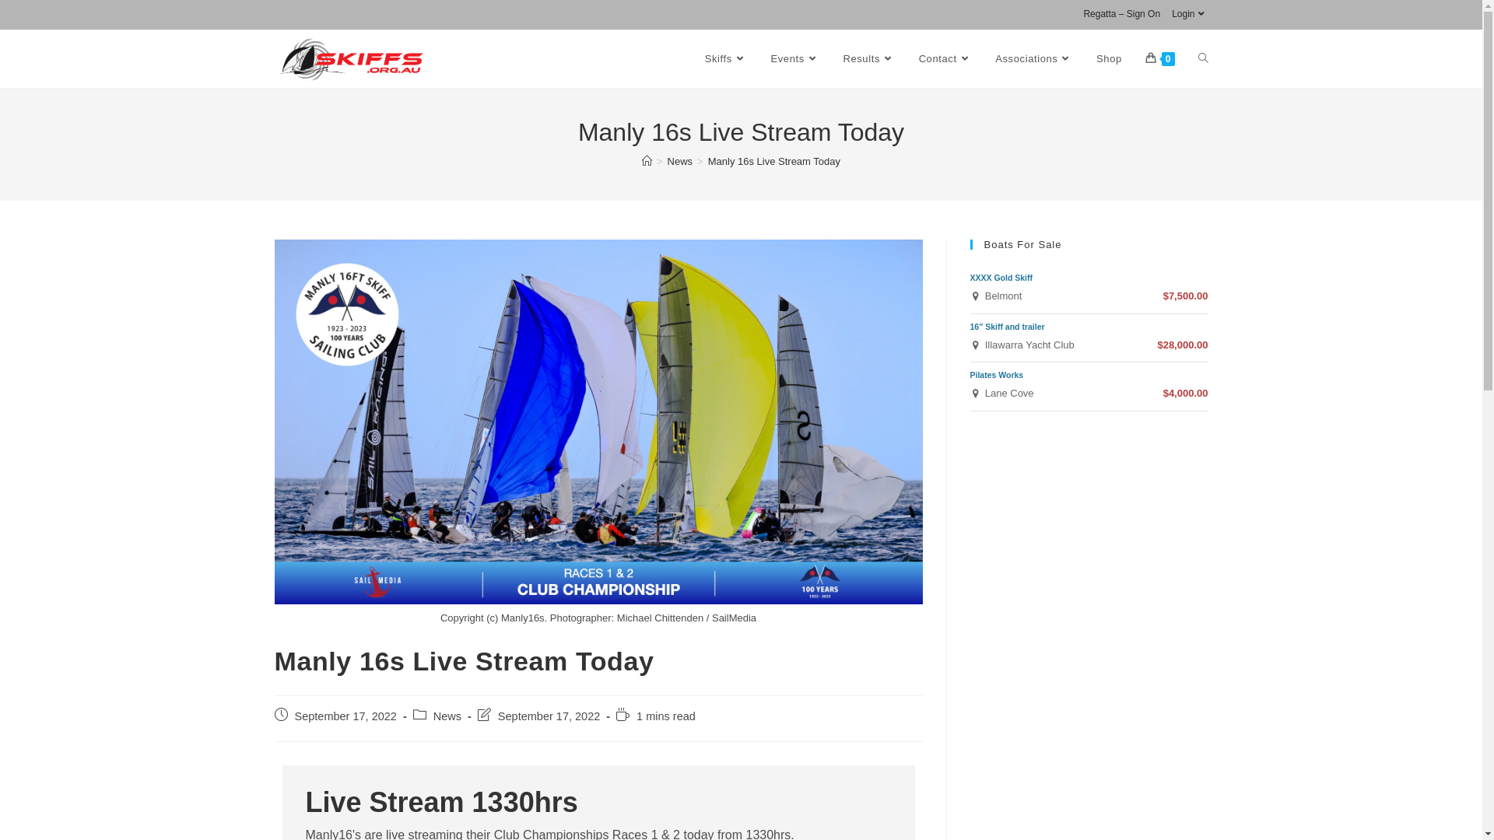 This screenshot has width=1494, height=840. I want to click on 'Associations', so click(1034, 58).